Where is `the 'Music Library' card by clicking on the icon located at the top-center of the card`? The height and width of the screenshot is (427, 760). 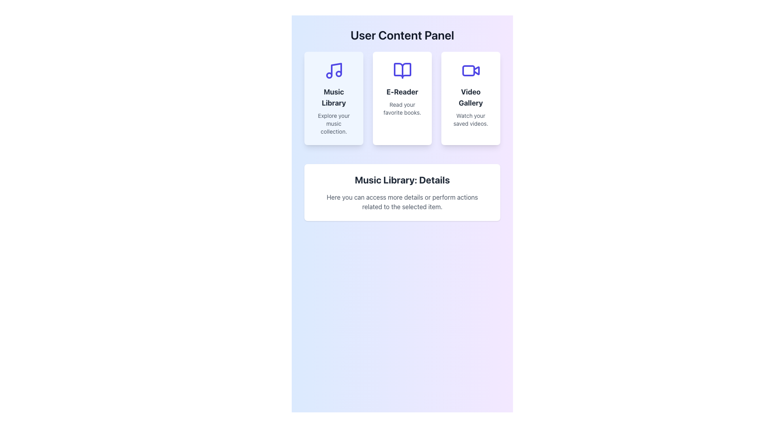
the 'Music Library' card by clicking on the icon located at the top-center of the card is located at coordinates (334, 70).